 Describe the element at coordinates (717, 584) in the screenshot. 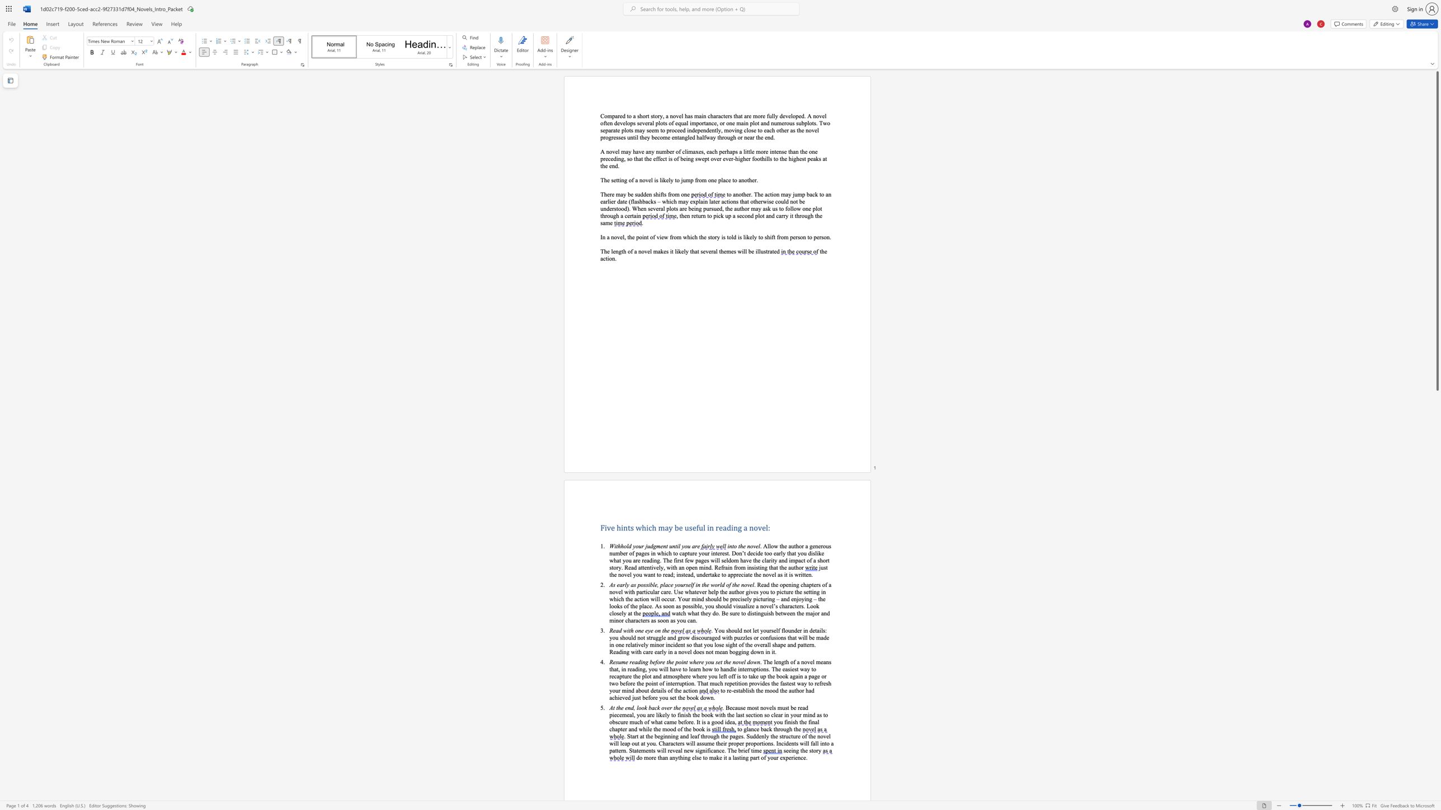

I see `the space between the continuous character "o" and "r" in the text` at that location.